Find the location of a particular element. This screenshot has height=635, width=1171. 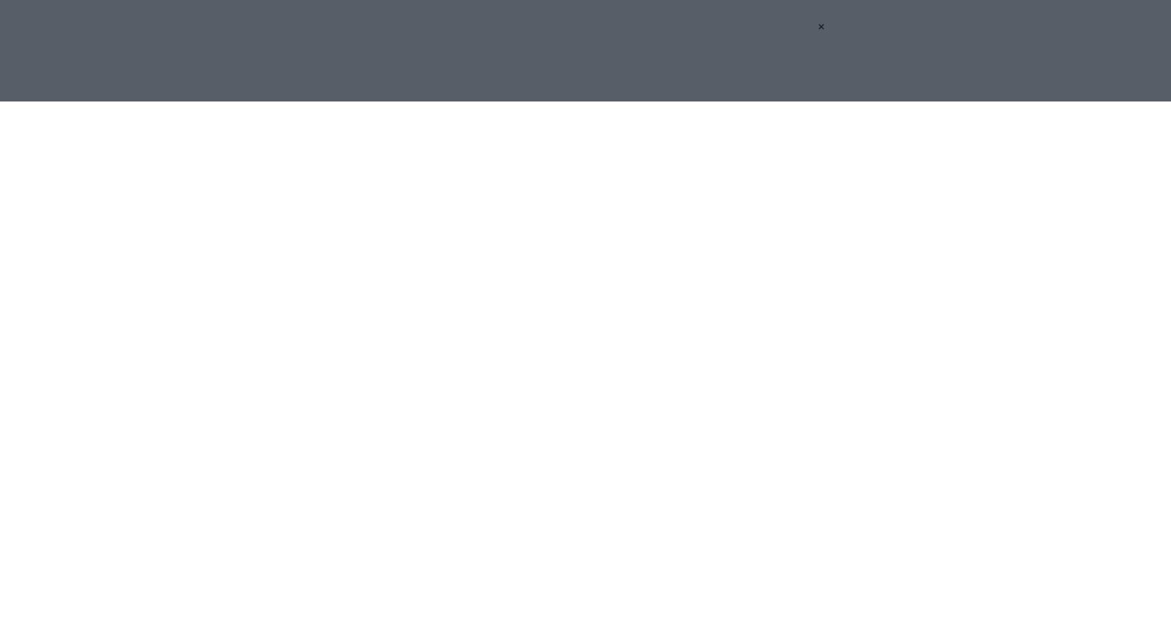

'Tried, Tested, Failed: why this is end of Mourinho as we know it' is located at coordinates (558, 324).